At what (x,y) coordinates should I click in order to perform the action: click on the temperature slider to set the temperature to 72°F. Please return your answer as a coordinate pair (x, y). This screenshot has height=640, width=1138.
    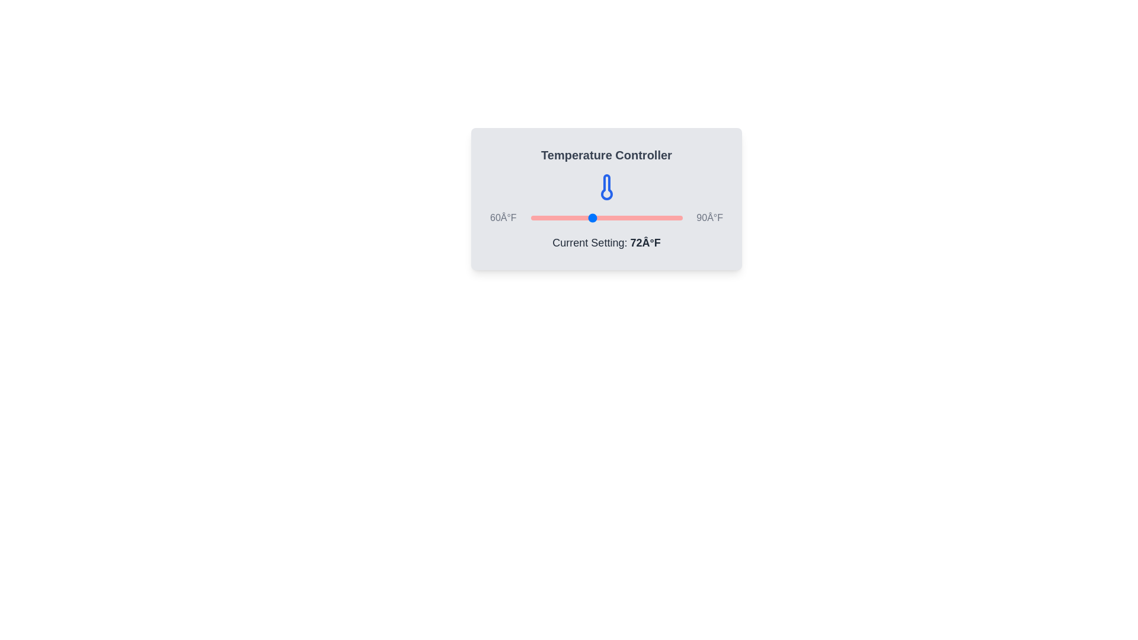
    Looking at the image, I should click on (591, 217).